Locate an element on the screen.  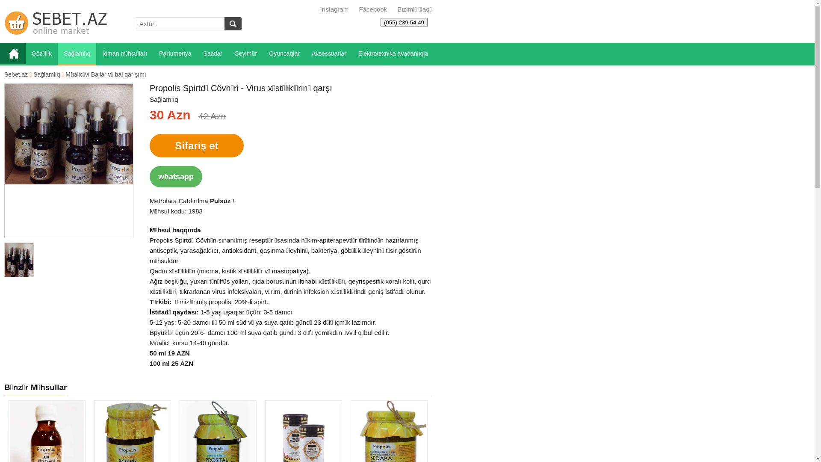
'Saatlar' is located at coordinates (213, 54).